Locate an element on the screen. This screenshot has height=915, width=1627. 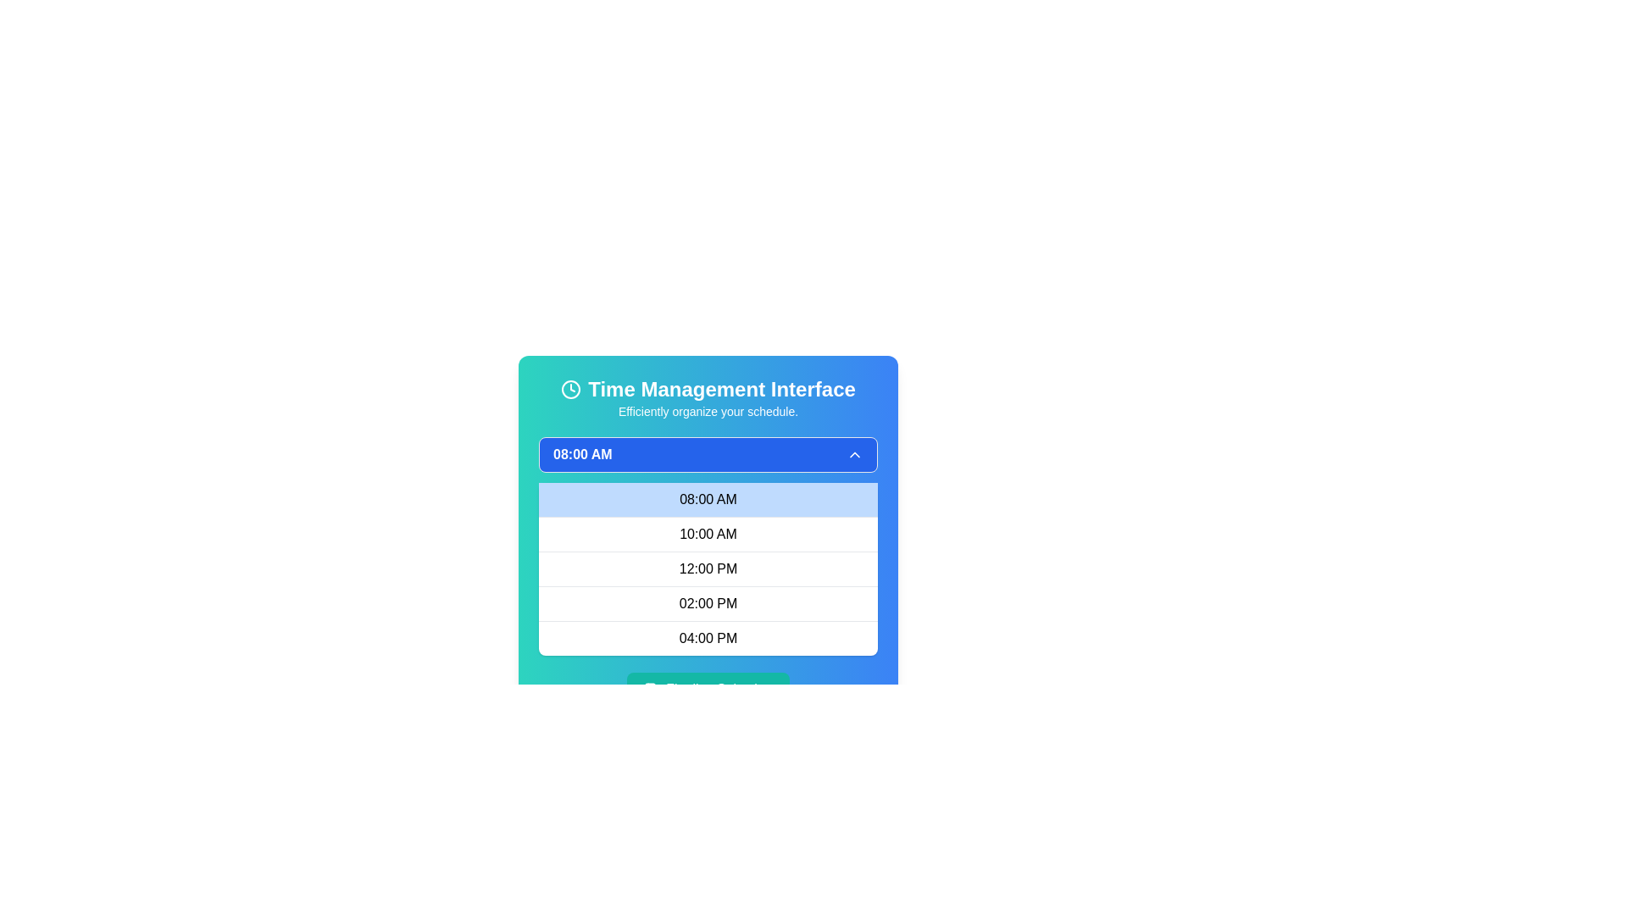
the highlighted time slot '10:00 AM' in the dropdown menu of the 'Time Management Interface' is located at coordinates (708, 541).